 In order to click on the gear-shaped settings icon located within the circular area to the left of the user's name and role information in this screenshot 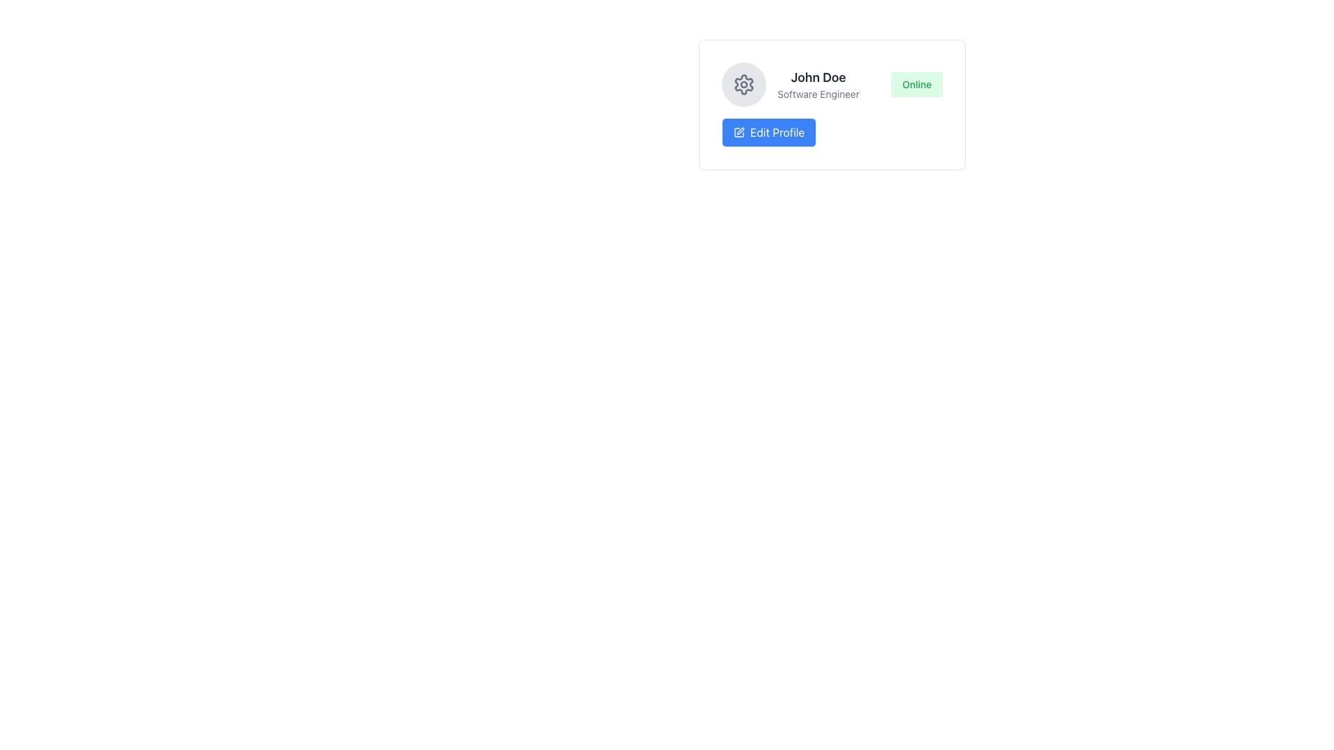, I will do `click(743, 85)`.